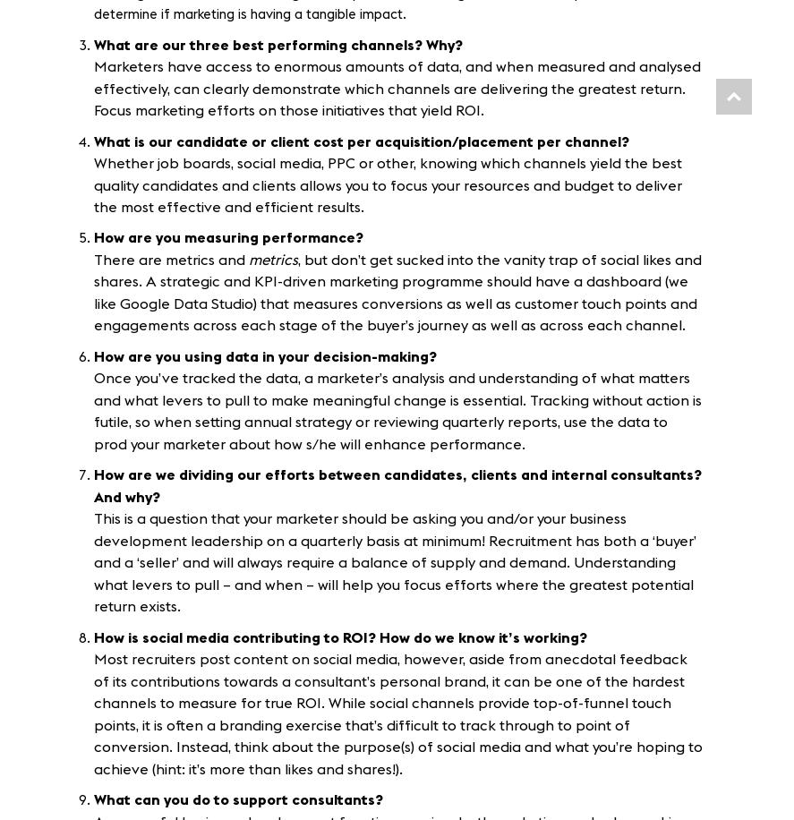 The height and width of the screenshot is (820, 794). I want to click on 'What can you do to support consultants?', so click(239, 799).